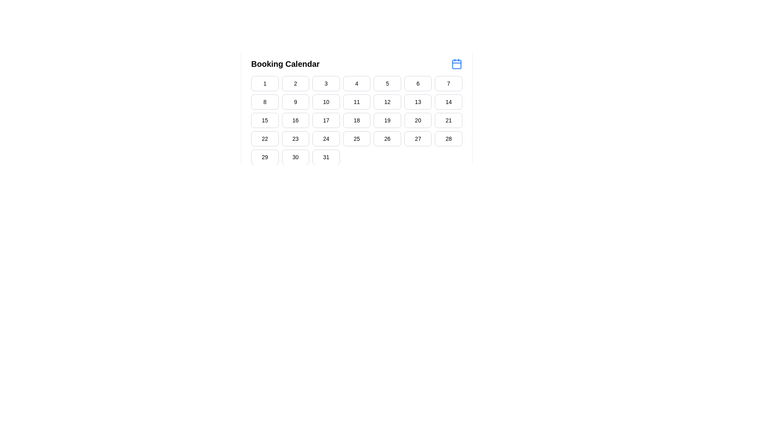  What do you see at coordinates (448, 138) in the screenshot?
I see `the button representing the selectable date (28th of a month) in the fourth row and seventh column of the booking calendar interface` at bounding box center [448, 138].